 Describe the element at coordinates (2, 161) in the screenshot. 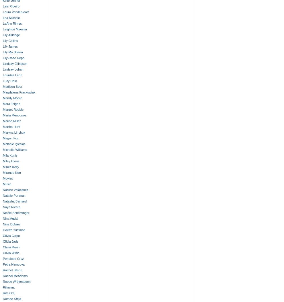

I see `'Miley Cyrus'` at that location.